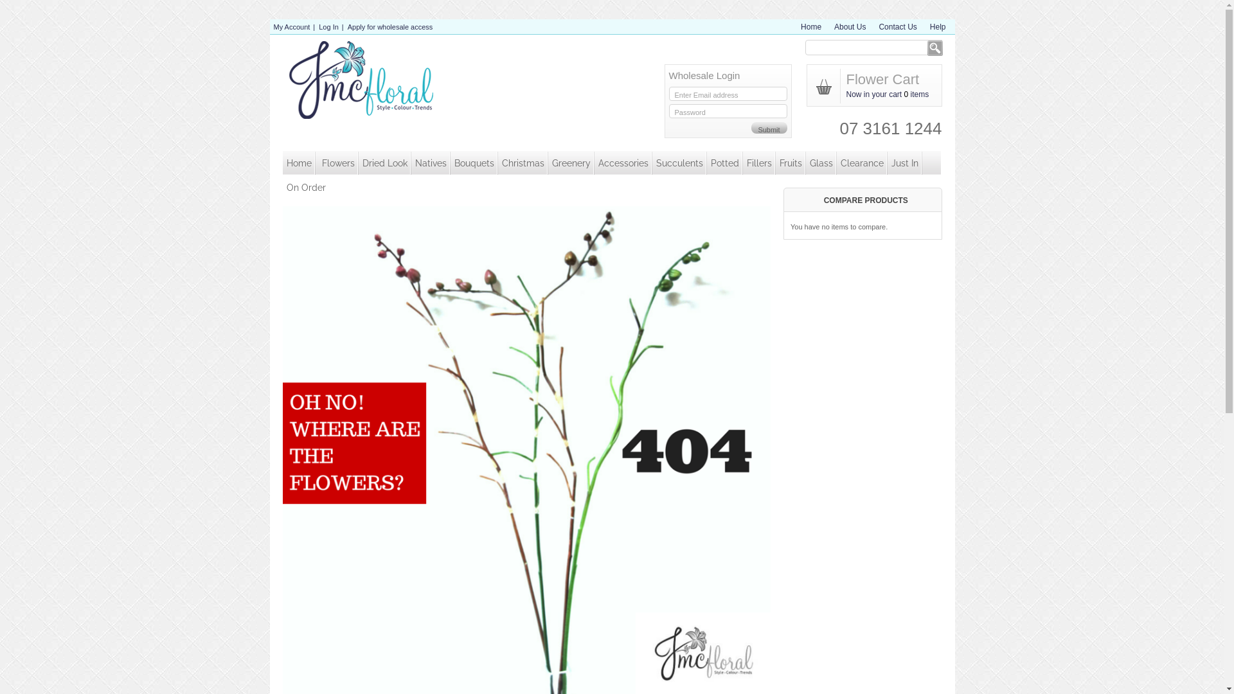  Describe the element at coordinates (473, 163) in the screenshot. I see `'Bouquets'` at that location.